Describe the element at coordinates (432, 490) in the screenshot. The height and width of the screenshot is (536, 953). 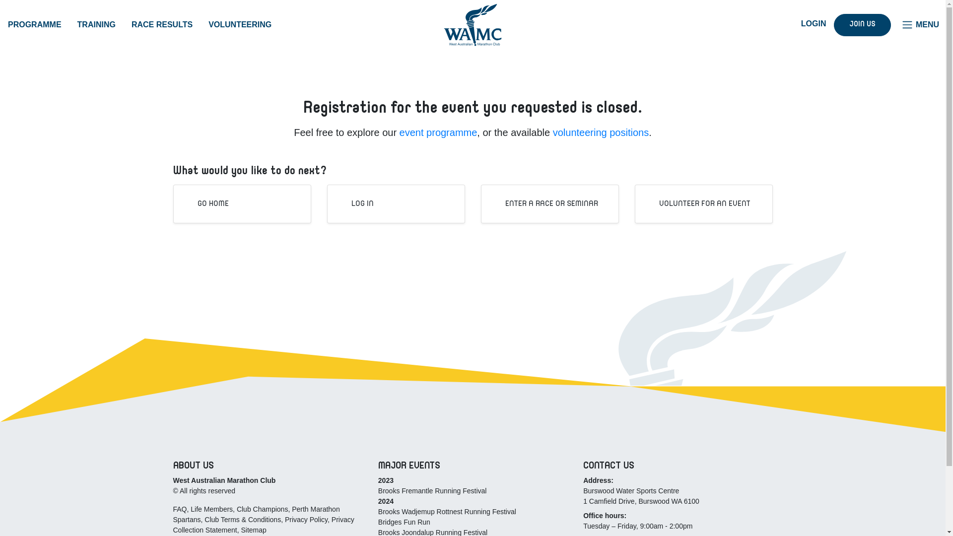
I see `'Brooks Fremantle Running Festival'` at that location.